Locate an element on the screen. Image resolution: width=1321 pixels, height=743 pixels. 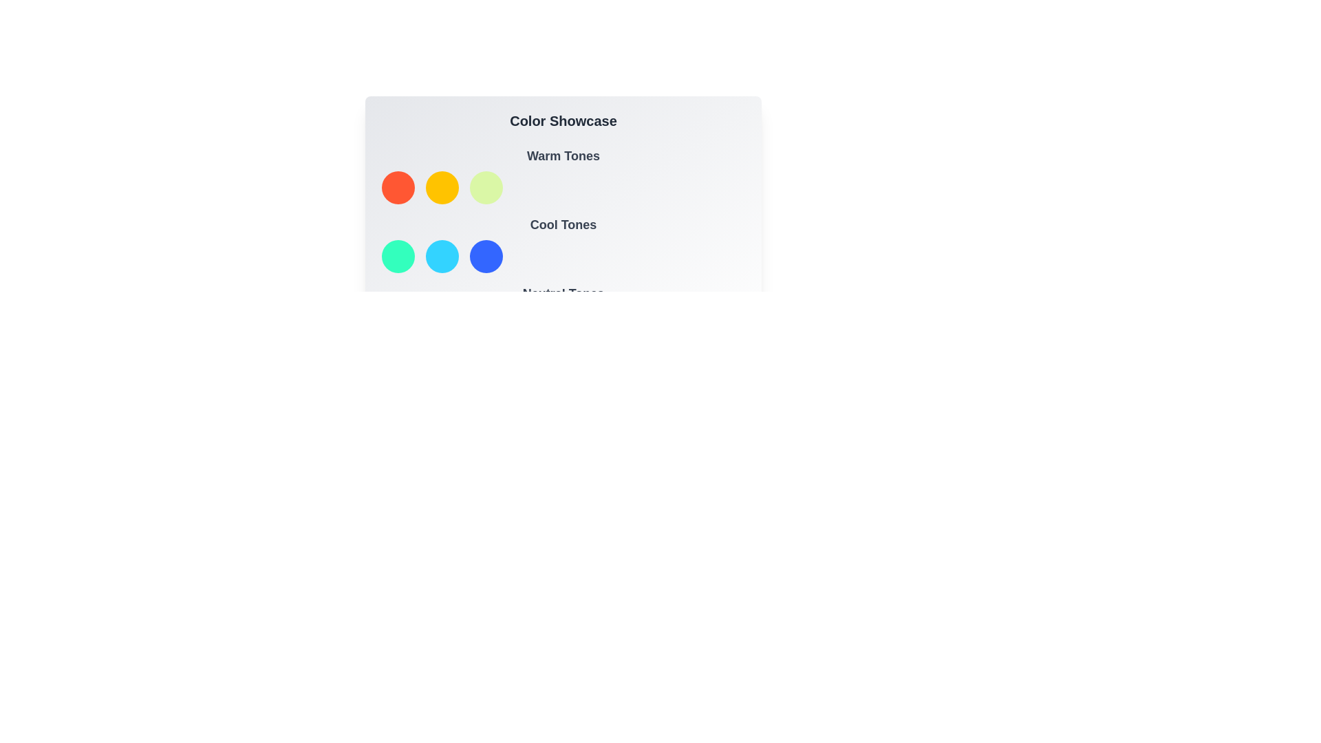
the Decorative Indicator located in the top-left position of the 'Warm Tones' layout, which serves as a non-interactive visual indicator for warmth-related colors is located at coordinates (398, 188).